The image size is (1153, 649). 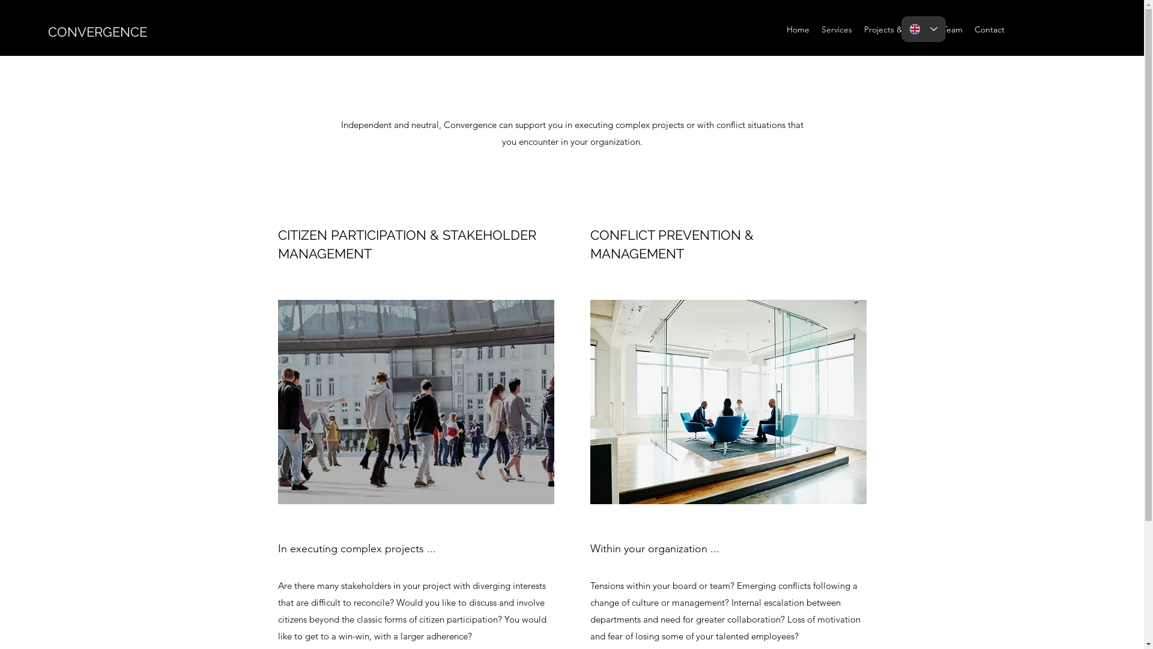 What do you see at coordinates (897, 29) in the screenshot?
I see `'Projects & Clients'` at bounding box center [897, 29].